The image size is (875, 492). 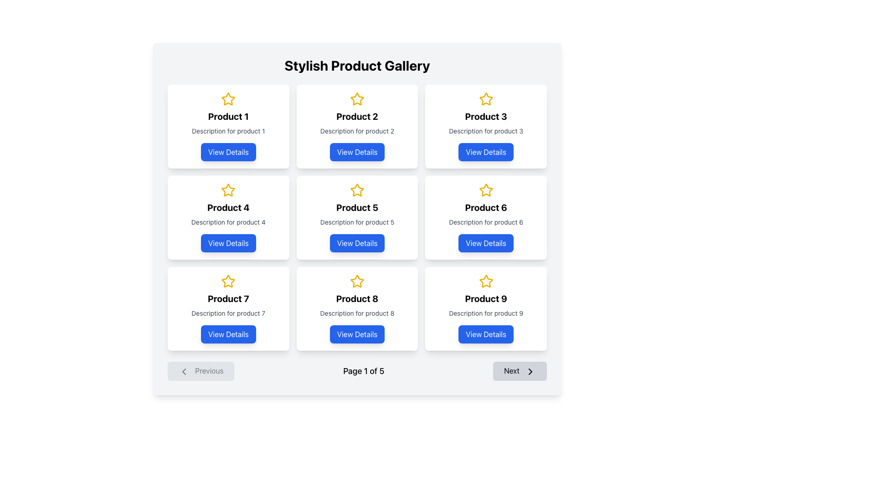 I want to click on the star icon in the card for 'Product 7', located in the first column of the third row of the product grid, so click(x=228, y=281).